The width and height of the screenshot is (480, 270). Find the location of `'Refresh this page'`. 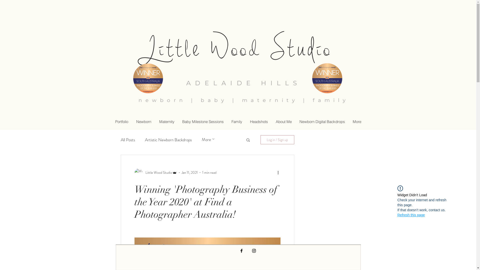

'Refresh this page' is located at coordinates (411, 215).